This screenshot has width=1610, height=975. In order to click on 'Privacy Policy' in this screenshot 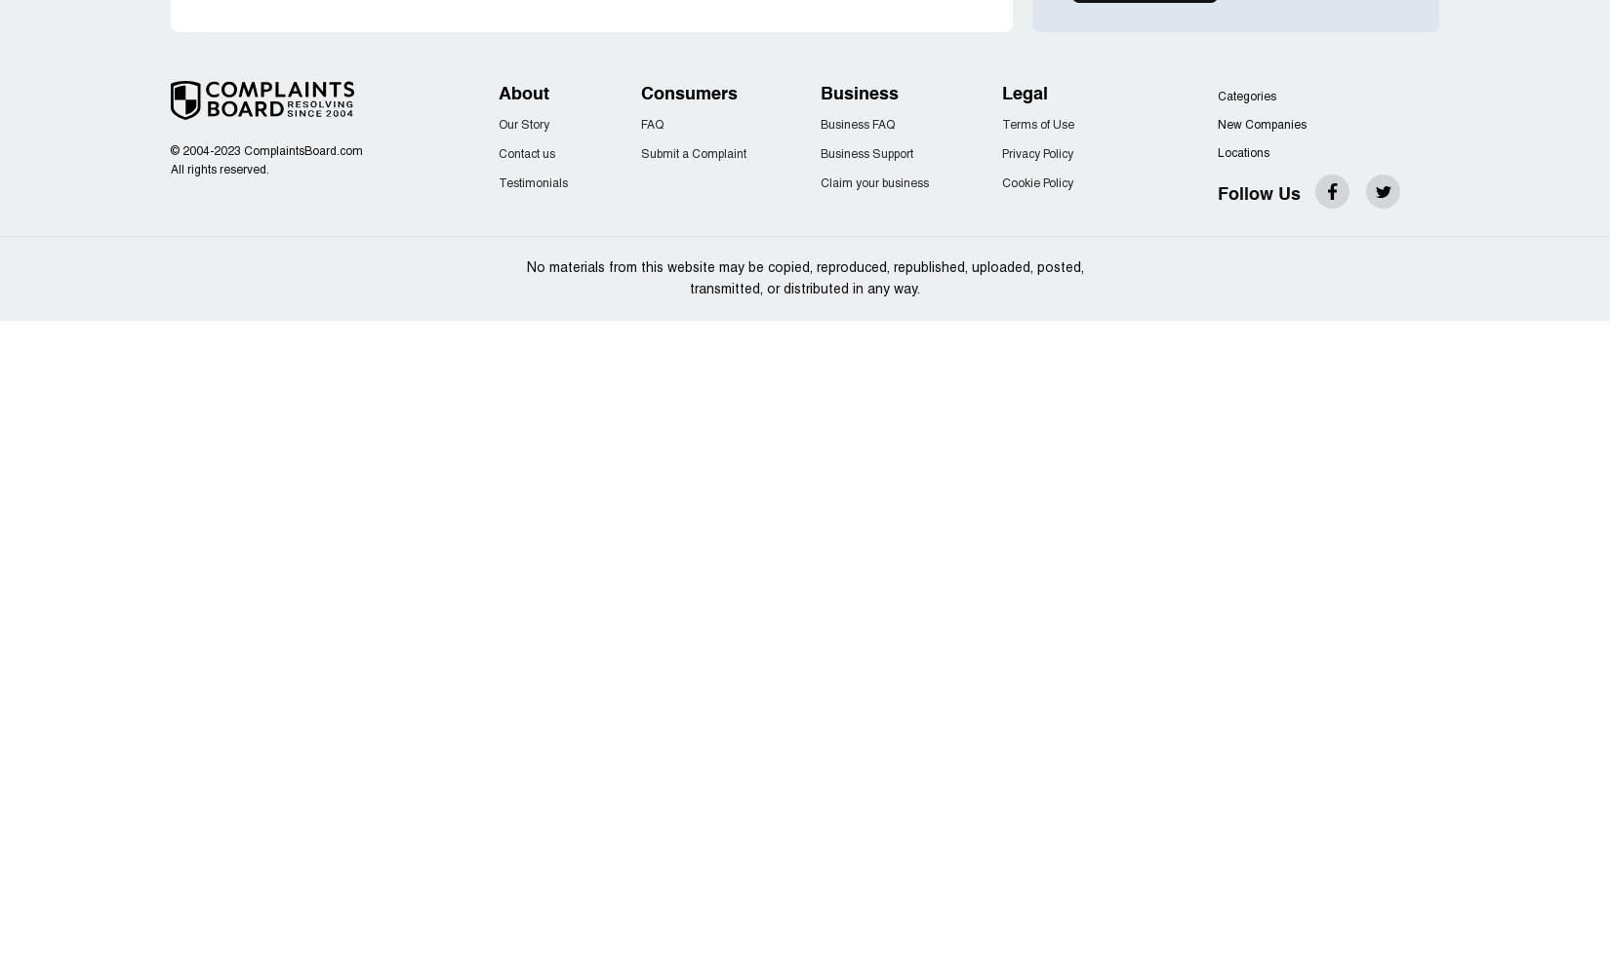, I will do `click(1037, 154)`.